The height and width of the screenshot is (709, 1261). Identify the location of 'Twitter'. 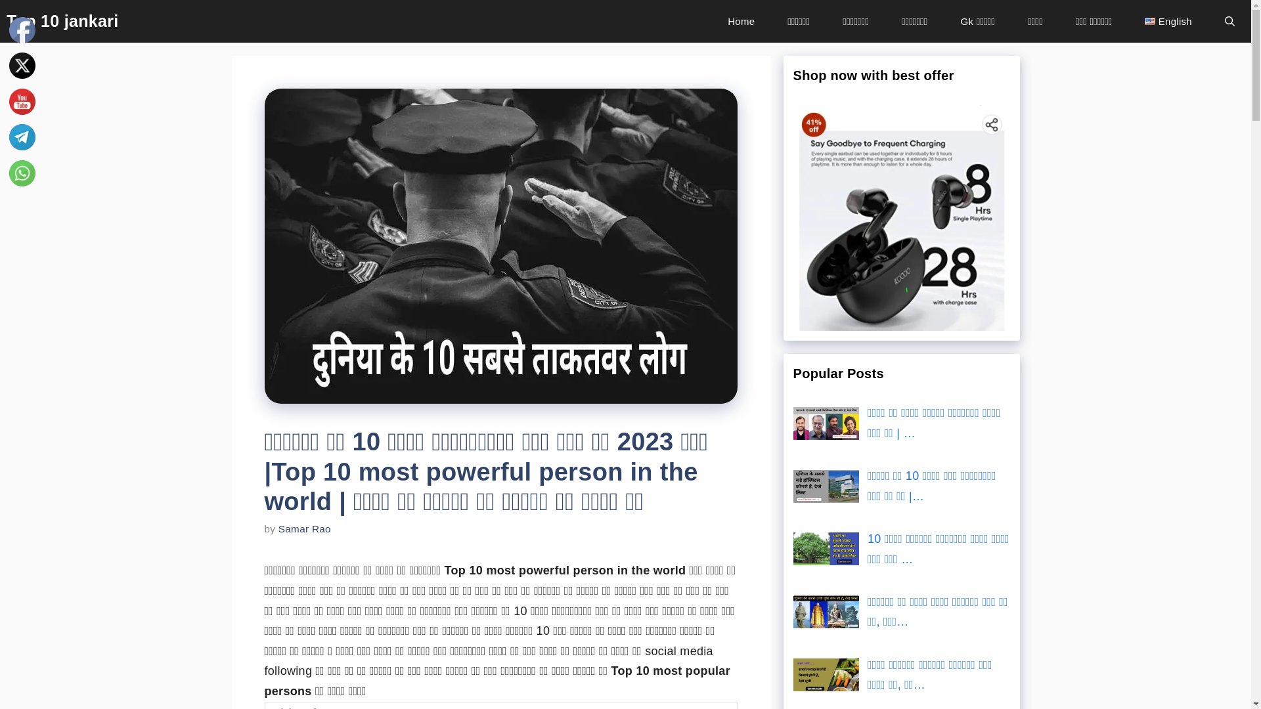
(22, 66).